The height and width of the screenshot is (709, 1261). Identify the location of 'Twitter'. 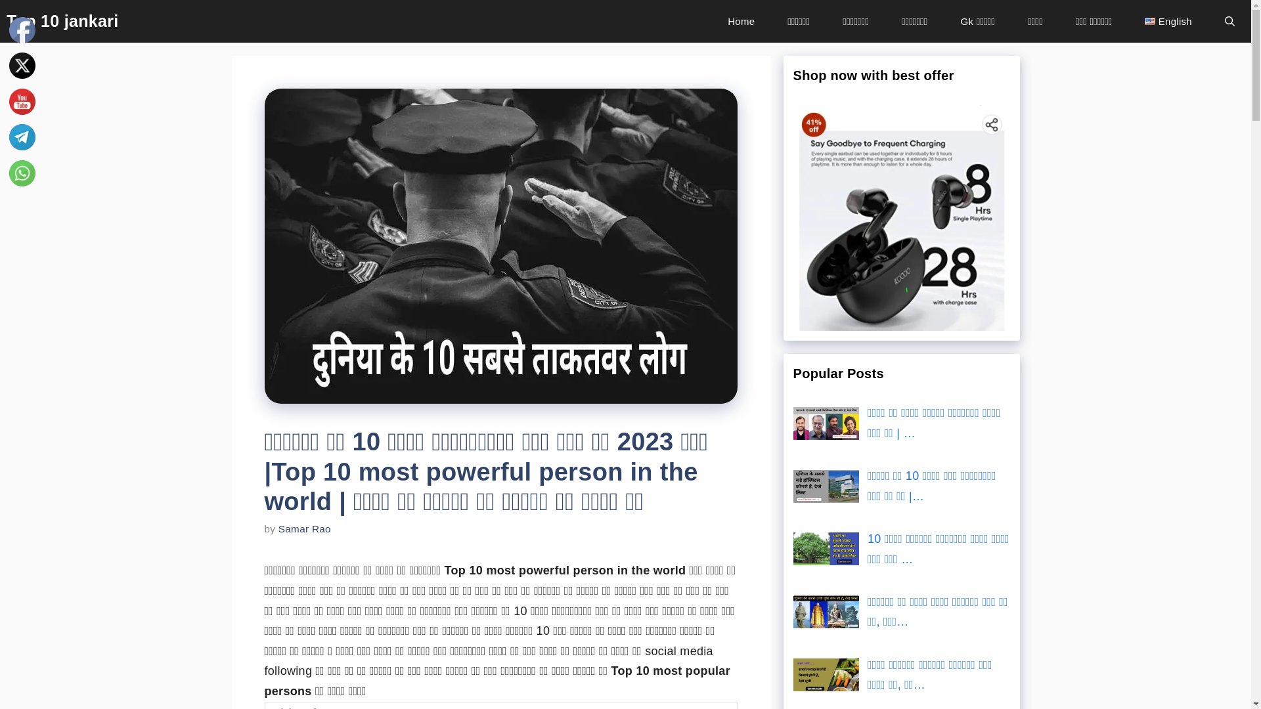
(22, 66).